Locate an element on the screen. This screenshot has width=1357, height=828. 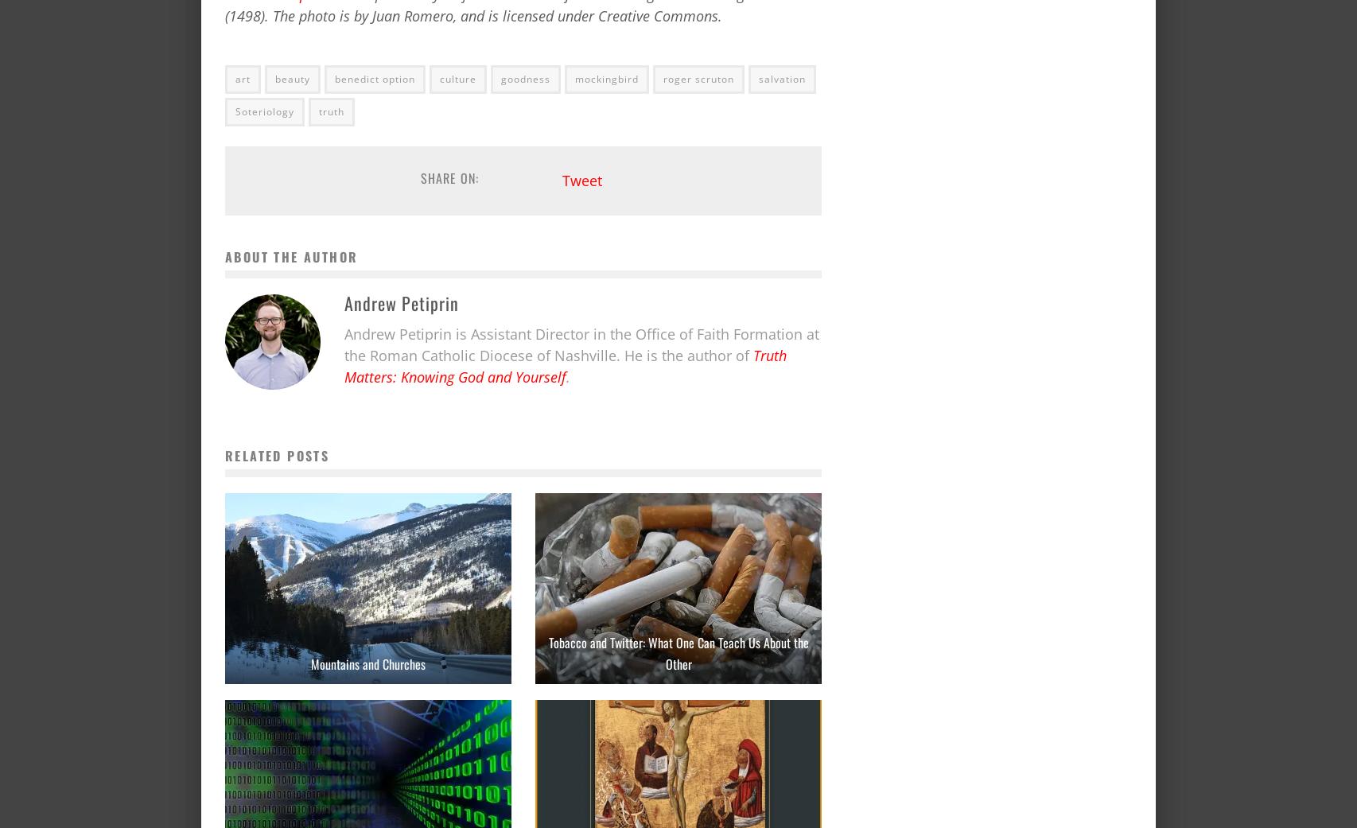
'Related Posts' is located at coordinates (277, 455).